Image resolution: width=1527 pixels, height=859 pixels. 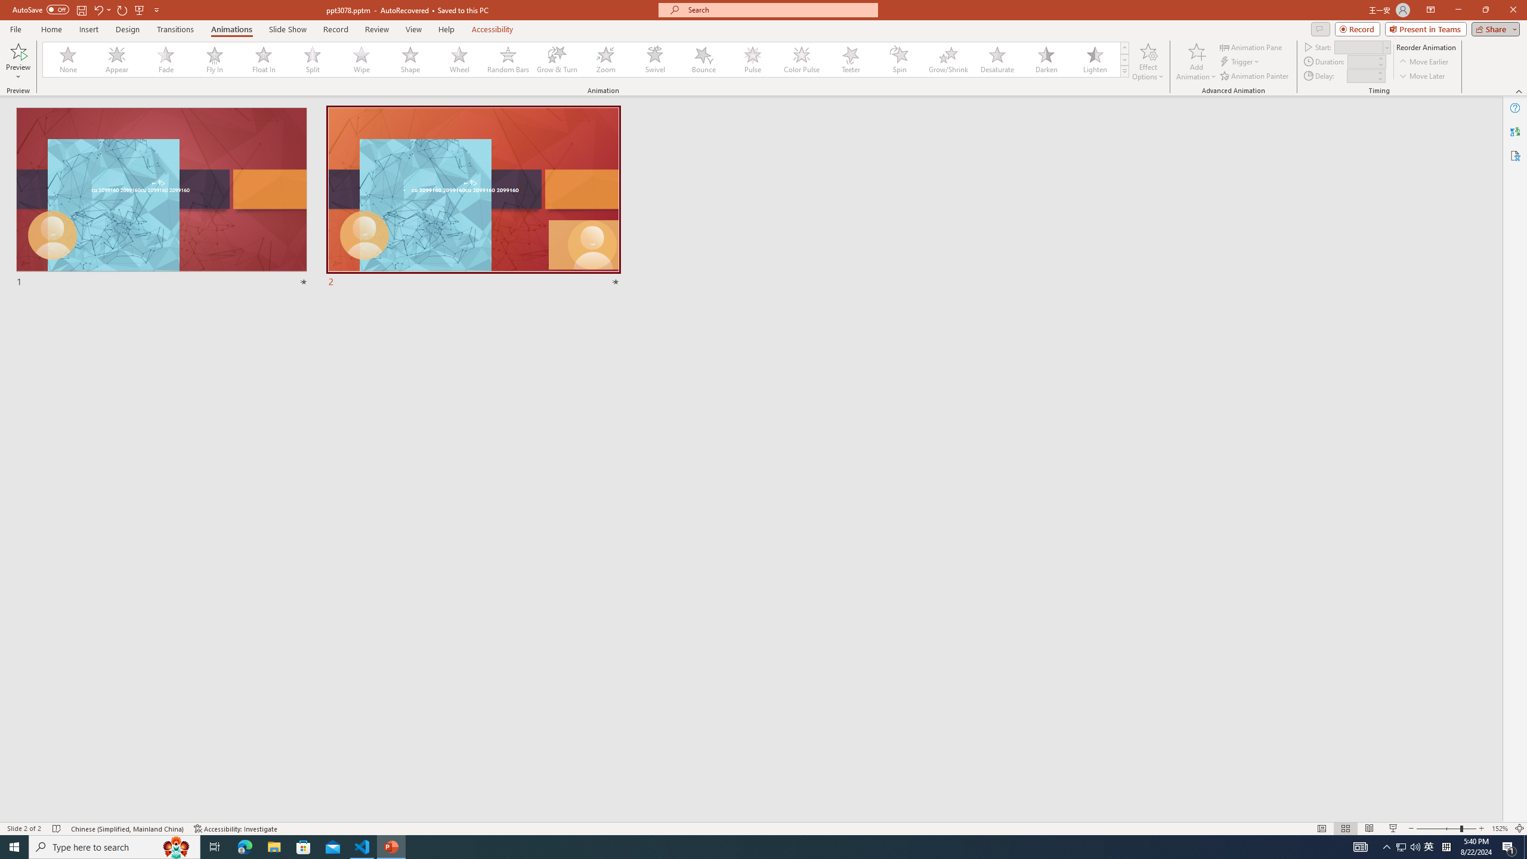 What do you see at coordinates (997, 59) in the screenshot?
I see `'Desaturate'` at bounding box center [997, 59].